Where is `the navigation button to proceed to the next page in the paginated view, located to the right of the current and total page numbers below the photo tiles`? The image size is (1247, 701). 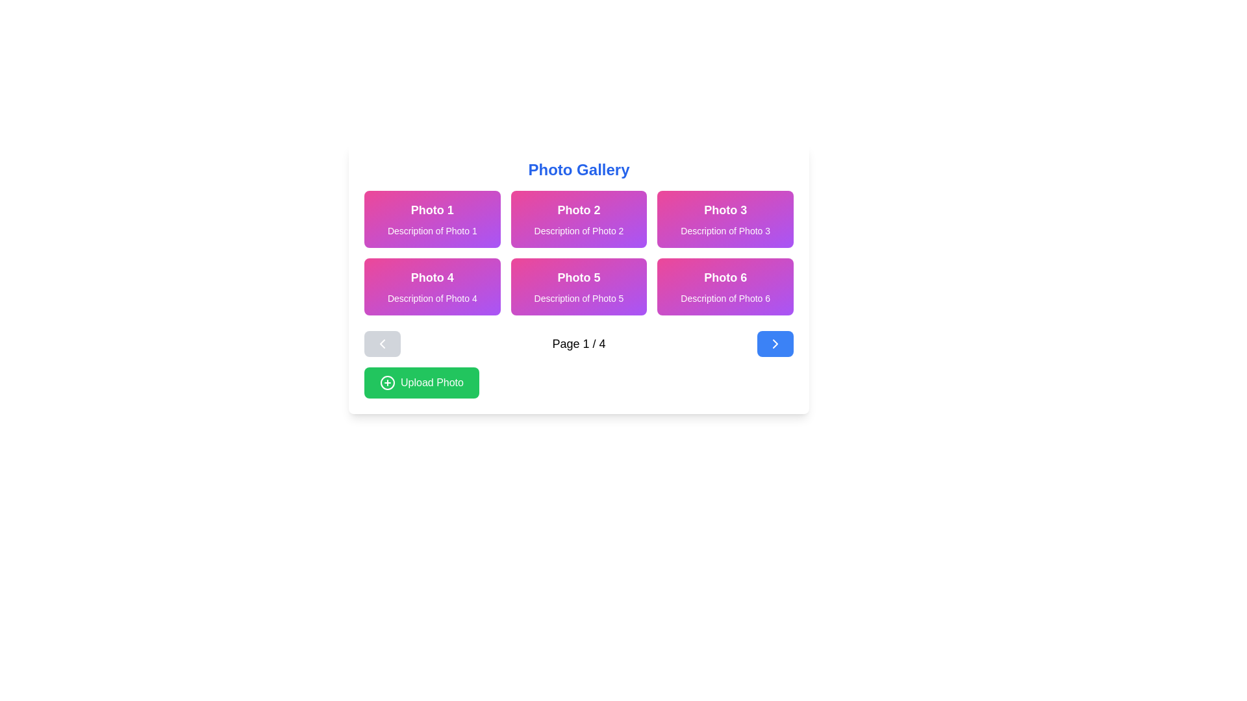
the navigation button to proceed to the next page in the paginated view, located to the right of the current and total page numbers below the photo tiles is located at coordinates (775, 343).